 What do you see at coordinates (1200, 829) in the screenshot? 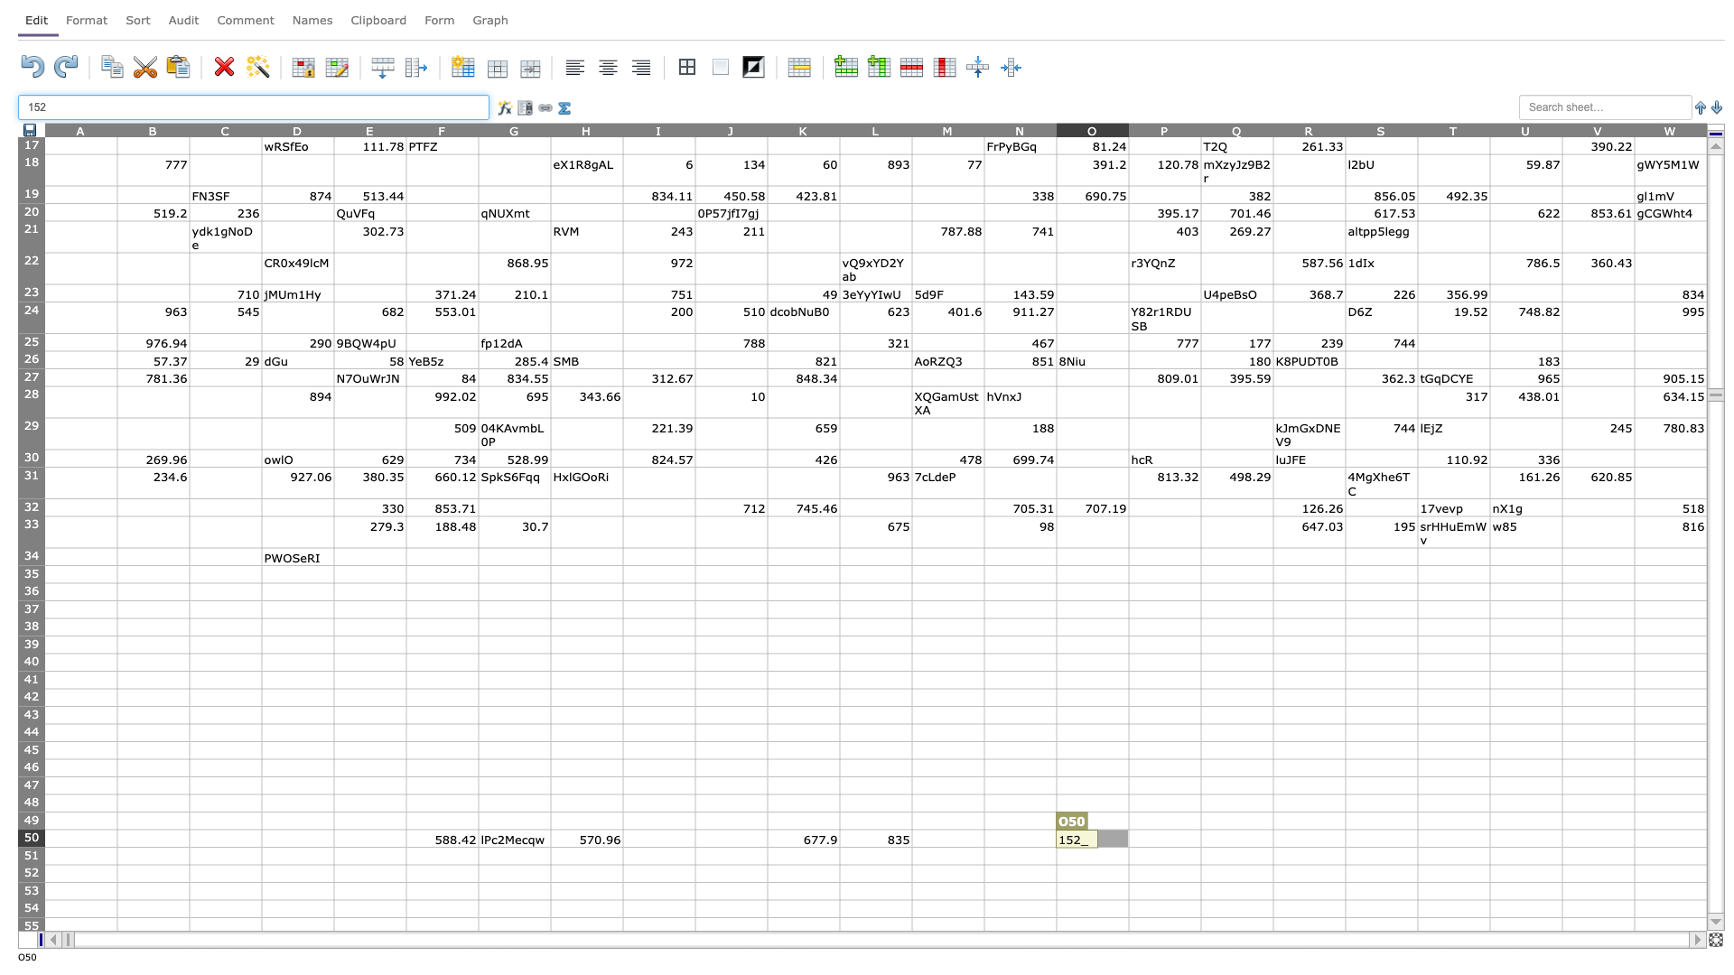
I see `Upper left corner of cell Q50` at bounding box center [1200, 829].